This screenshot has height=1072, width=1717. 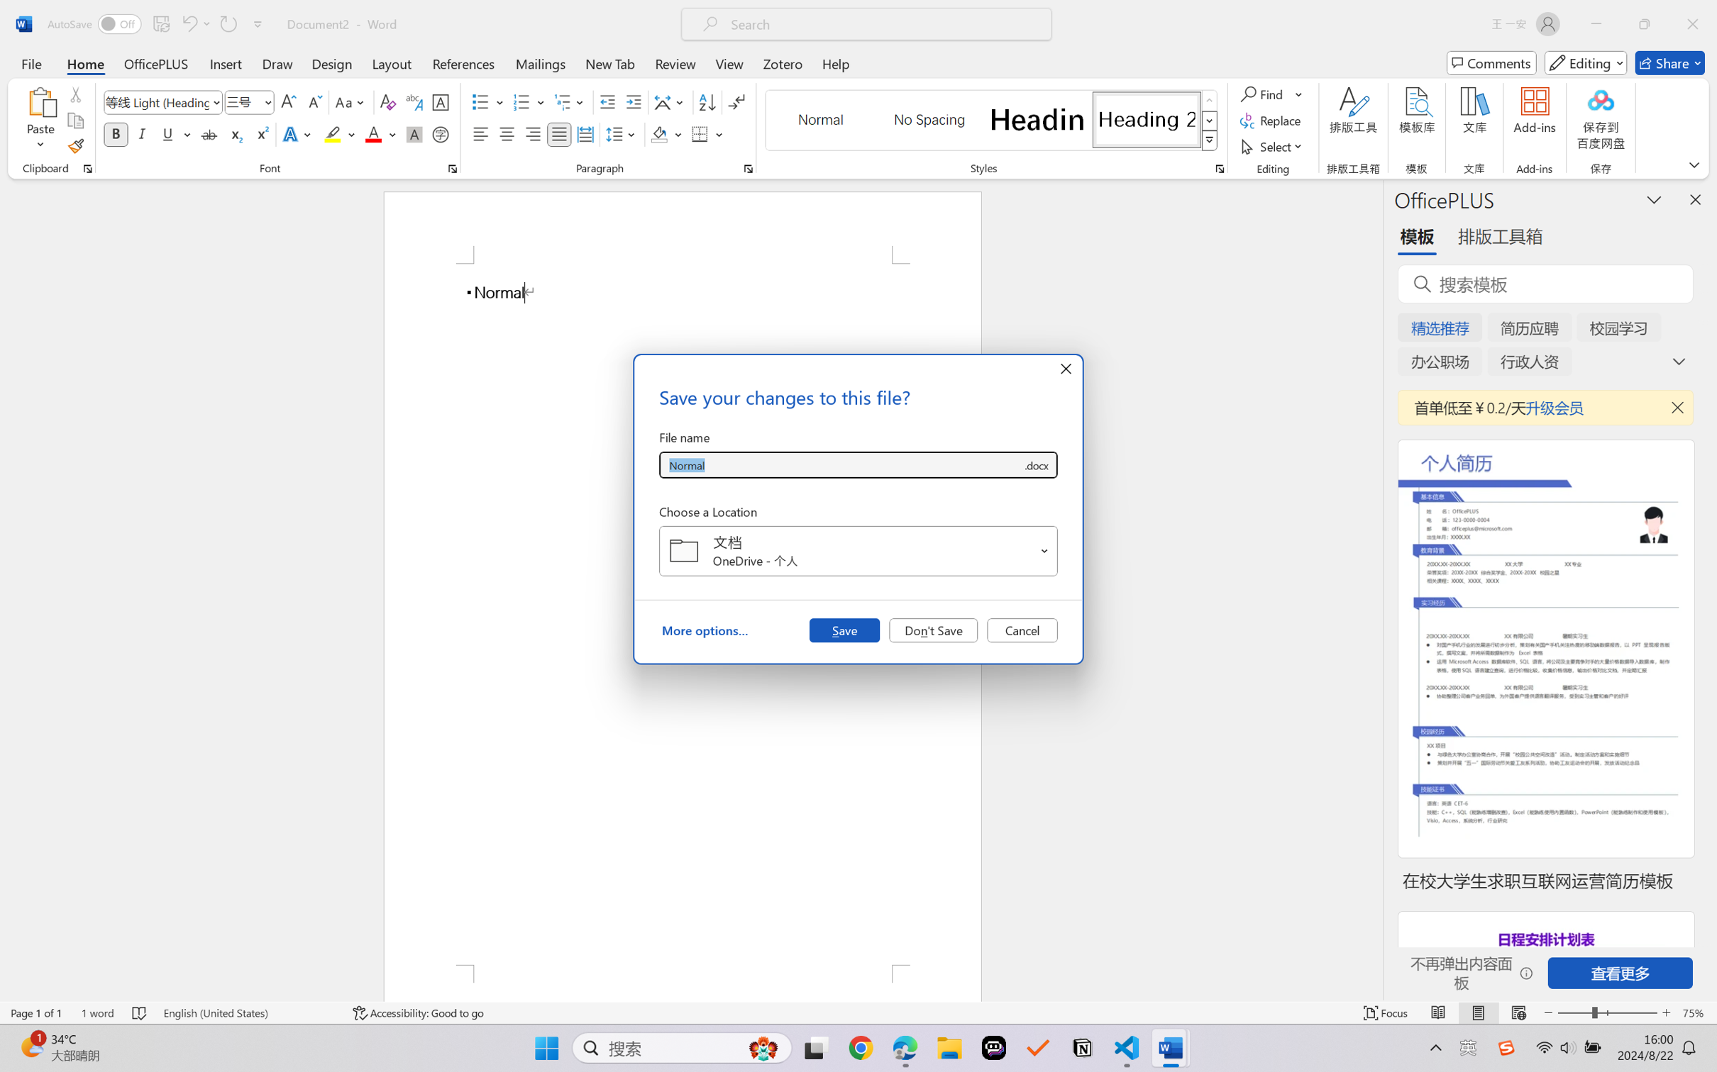 What do you see at coordinates (234, 133) in the screenshot?
I see `'Subscript'` at bounding box center [234, 133].